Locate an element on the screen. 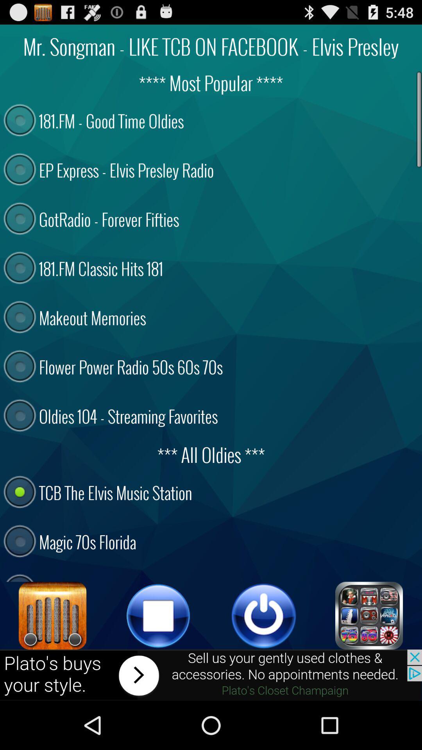 The width and height of the screenshot is (422, 750). pause button is located at coordinates (158, 615).